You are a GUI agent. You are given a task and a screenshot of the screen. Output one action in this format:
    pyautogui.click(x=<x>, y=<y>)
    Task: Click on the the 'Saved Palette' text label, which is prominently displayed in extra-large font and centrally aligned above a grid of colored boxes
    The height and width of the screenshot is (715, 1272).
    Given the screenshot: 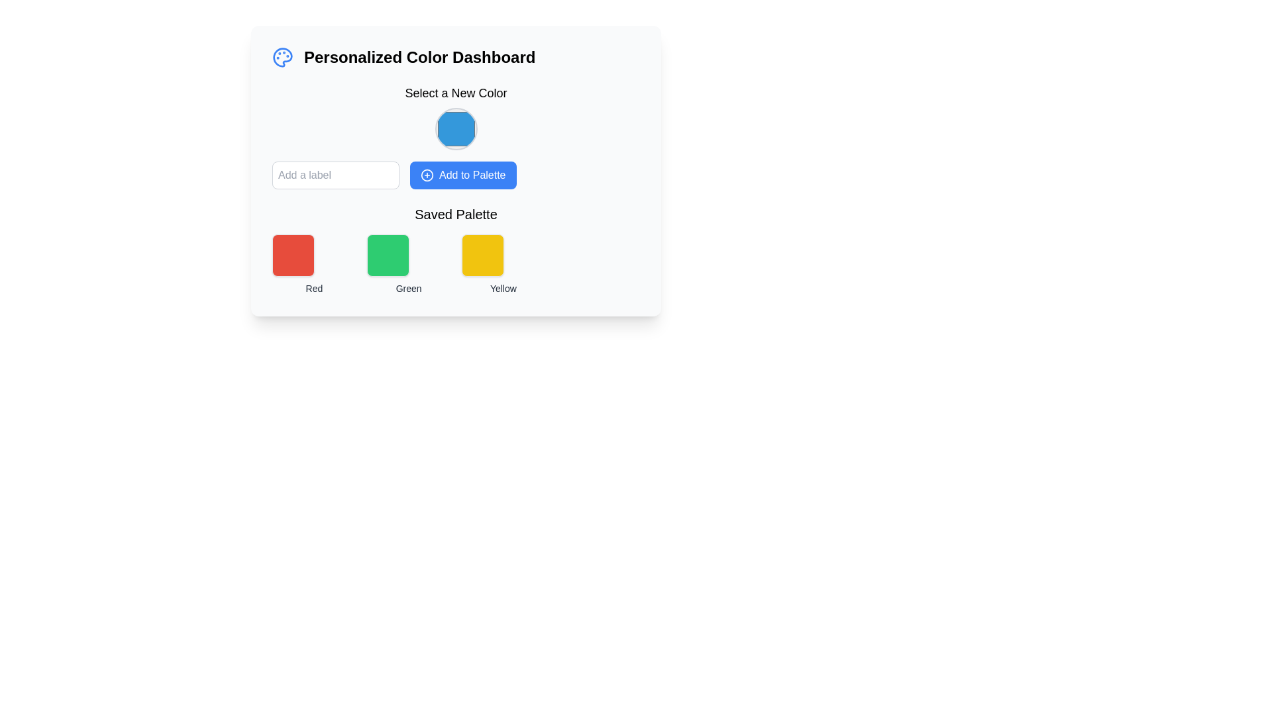 What is the action you would take?
    pyautogui.click(x=456, y=214)
    